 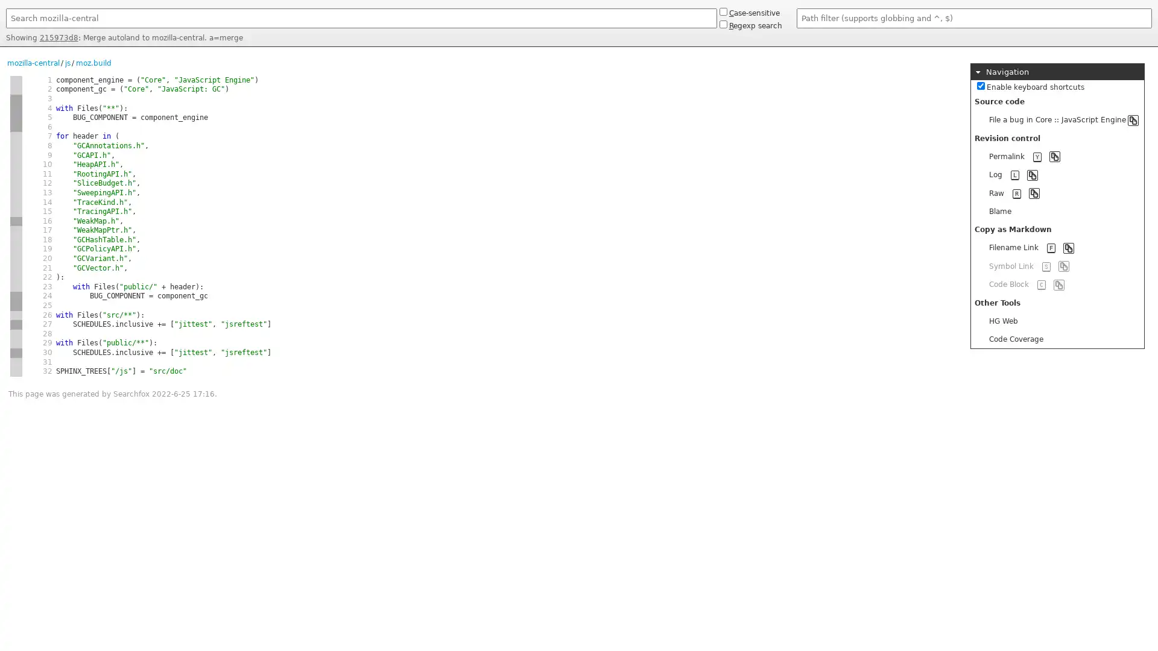 What do you see at coordinates (1033, 192) in the screenshot?
I see `Copy to clipboard` at bounding box center [1033, 192].